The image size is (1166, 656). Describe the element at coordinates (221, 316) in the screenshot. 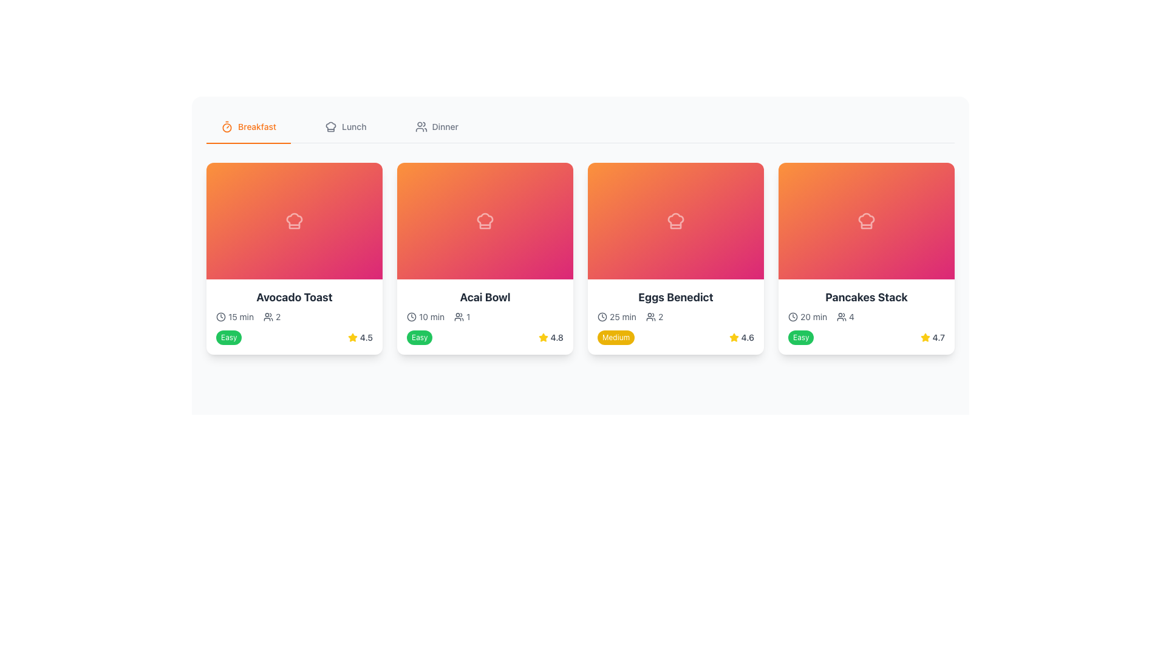

I see `the SVG circle shape that serves as the background frame for the clock symbol in the 'Breakfast' menu tab of the navigation bar` at that location.